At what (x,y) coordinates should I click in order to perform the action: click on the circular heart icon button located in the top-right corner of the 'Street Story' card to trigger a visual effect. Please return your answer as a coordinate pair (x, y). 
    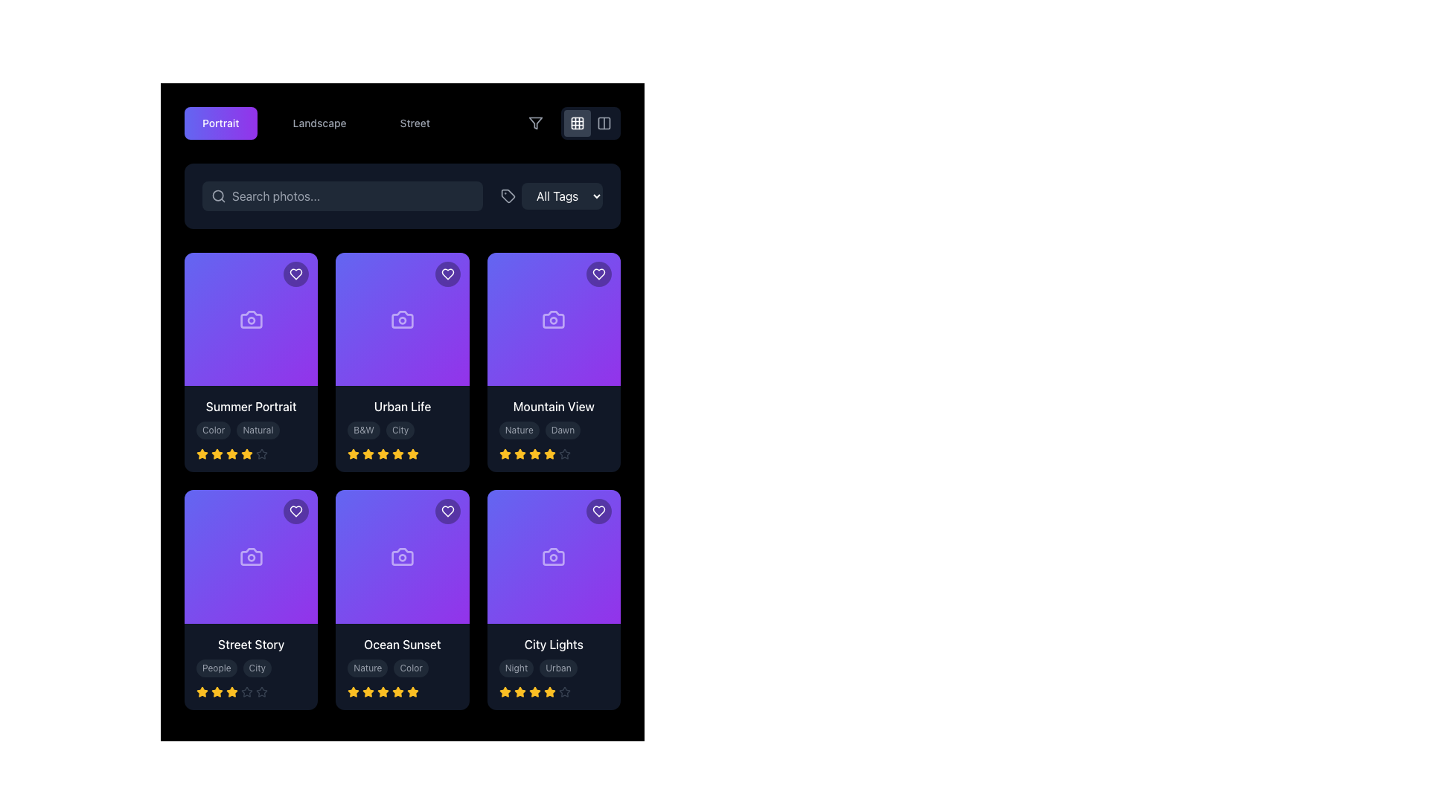
    Looking at the image, I should click on (296, 511).